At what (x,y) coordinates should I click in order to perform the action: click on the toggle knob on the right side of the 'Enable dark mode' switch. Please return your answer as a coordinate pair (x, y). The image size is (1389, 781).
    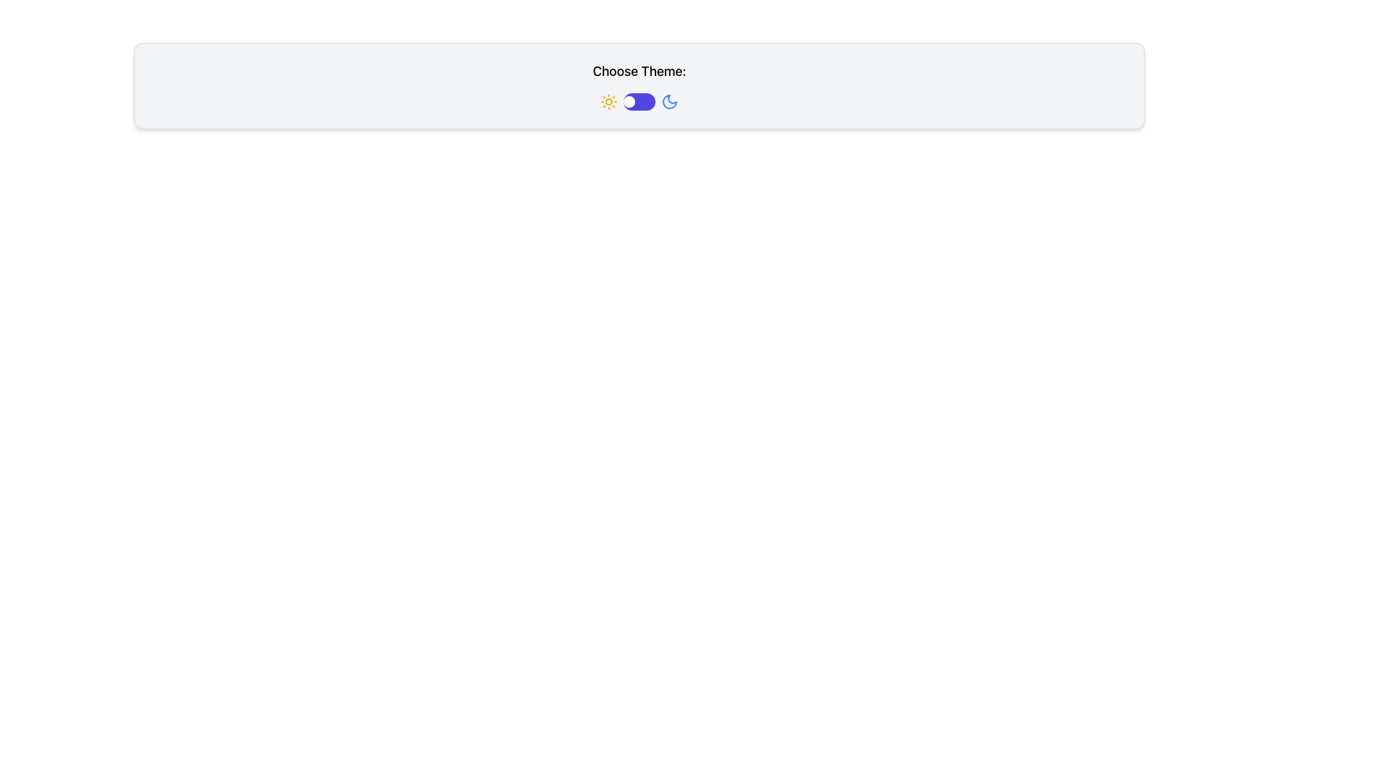
    Looking at the image, I should click on (629, 101).